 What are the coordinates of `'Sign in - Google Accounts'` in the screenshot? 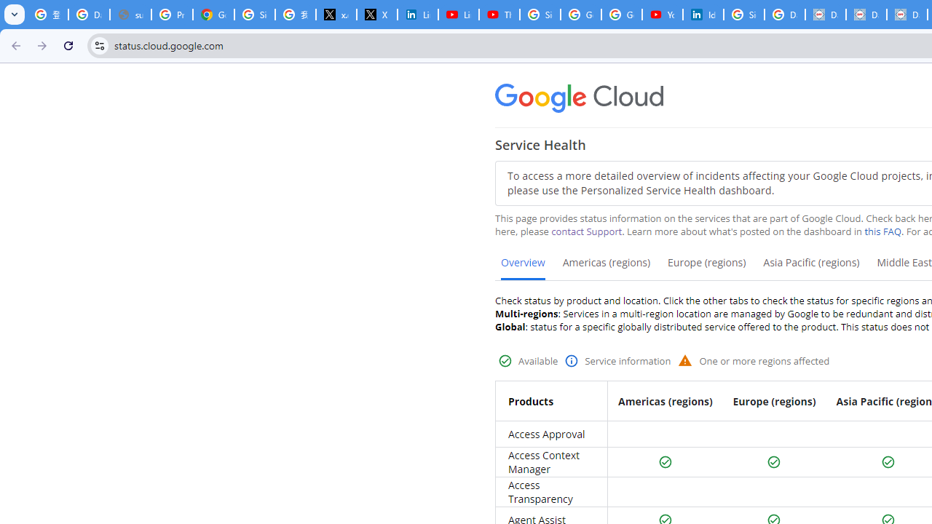 It's located at (744, 15).